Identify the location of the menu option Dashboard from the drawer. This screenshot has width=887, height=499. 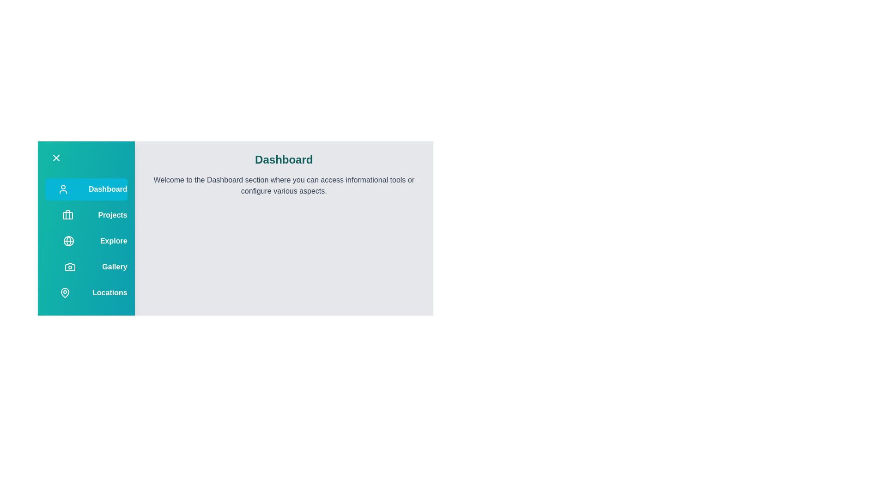
(86, 189).